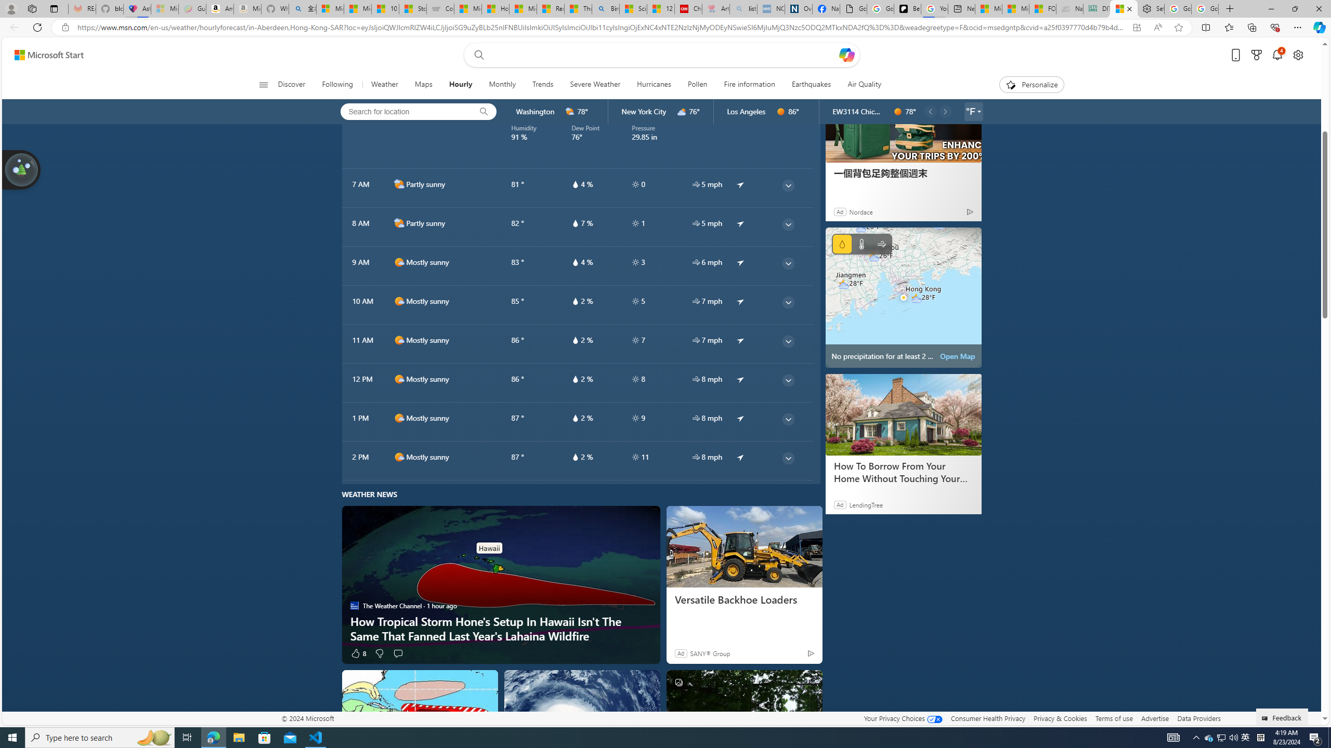 The height and width of the screenshot is (748, 1331). What do you see at coordinates (841, 244) in the screenshot?
I see `'Precipitation'` at bounding box center [841, 244].